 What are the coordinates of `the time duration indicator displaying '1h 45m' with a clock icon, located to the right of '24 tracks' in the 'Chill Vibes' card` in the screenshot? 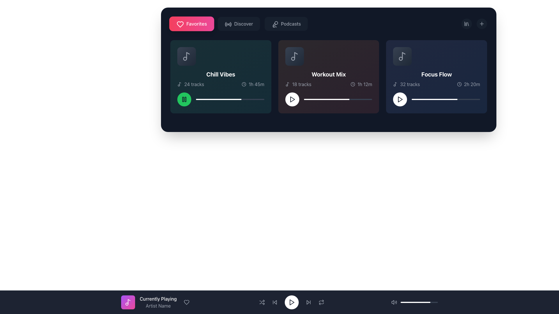 It's located at (253, 84).